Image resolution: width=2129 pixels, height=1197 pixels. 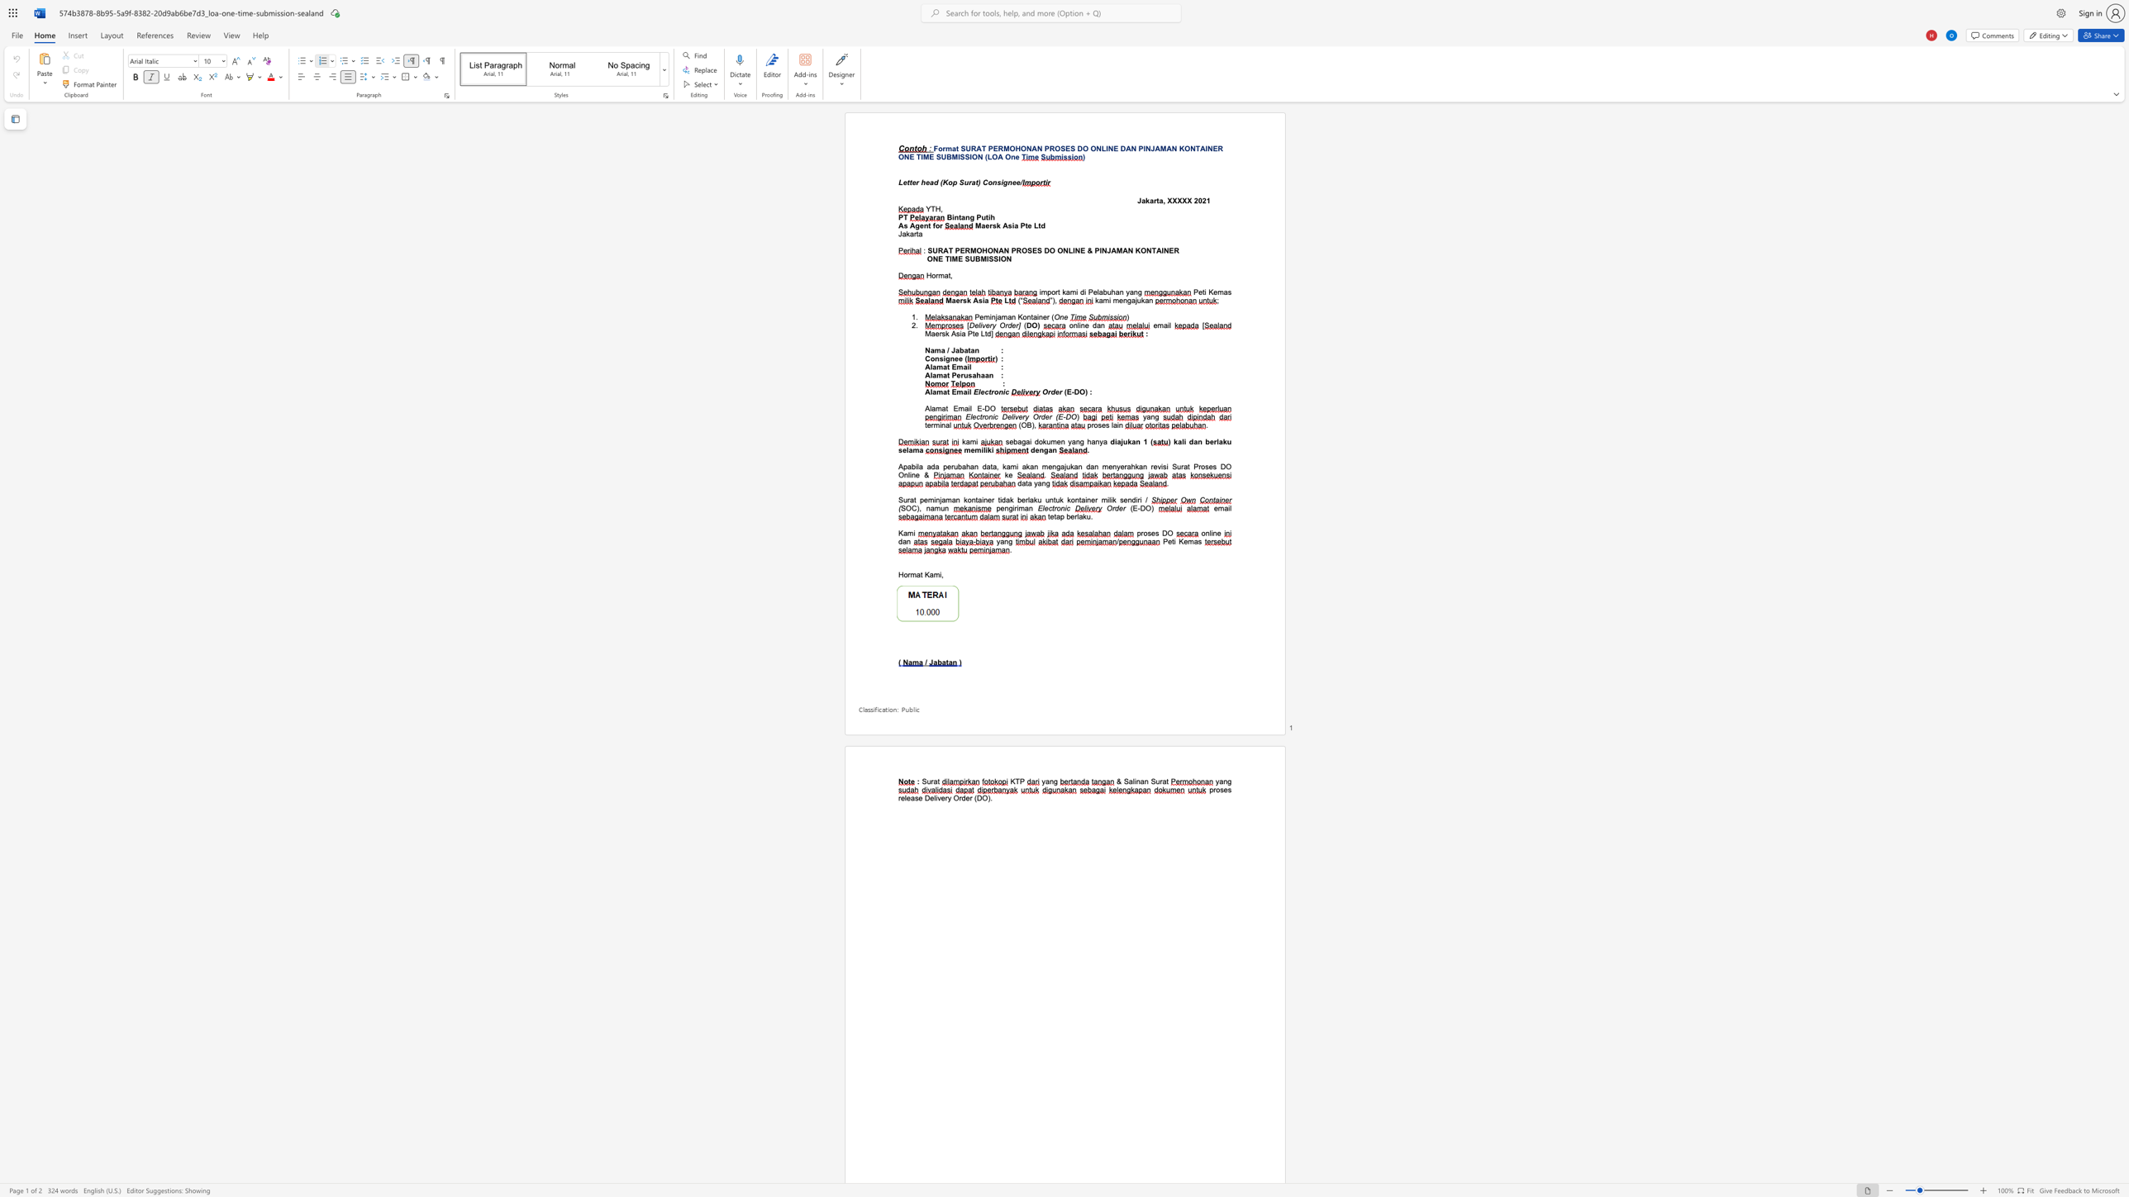 What do you see at coordinates (1117, 299) in the screenshot?
I see `the space between the continuous character "m" and "e" in the text` at bounding box center [1117, 299].